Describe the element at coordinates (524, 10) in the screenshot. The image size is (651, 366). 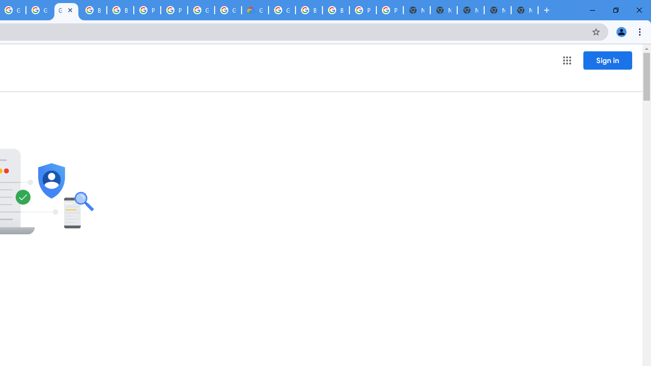
I see `'New Tab'` at that location.